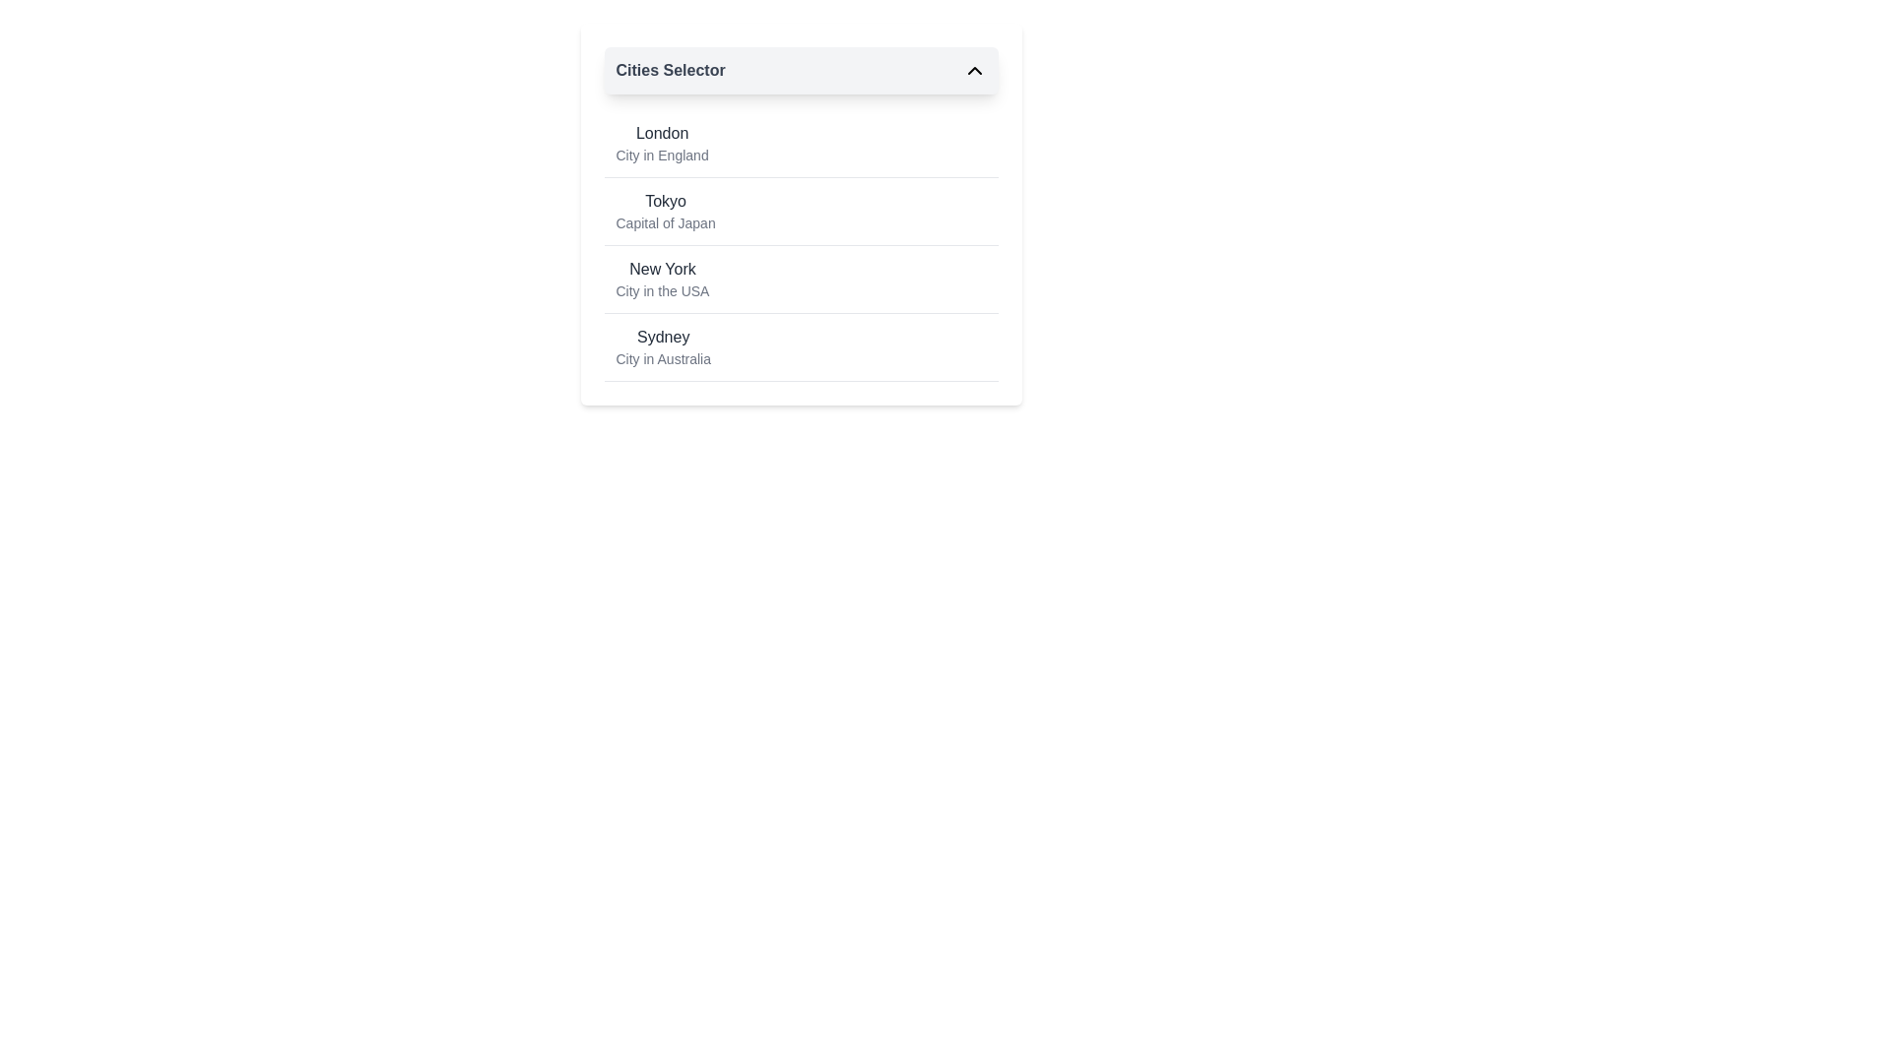 The height and width of the screenshot is (1063, 1891). I want to click on the 'Cities Selector' text label, which is a bold serif font in dark gray and serves as the header for the dropdown menu, so click(671, 70).